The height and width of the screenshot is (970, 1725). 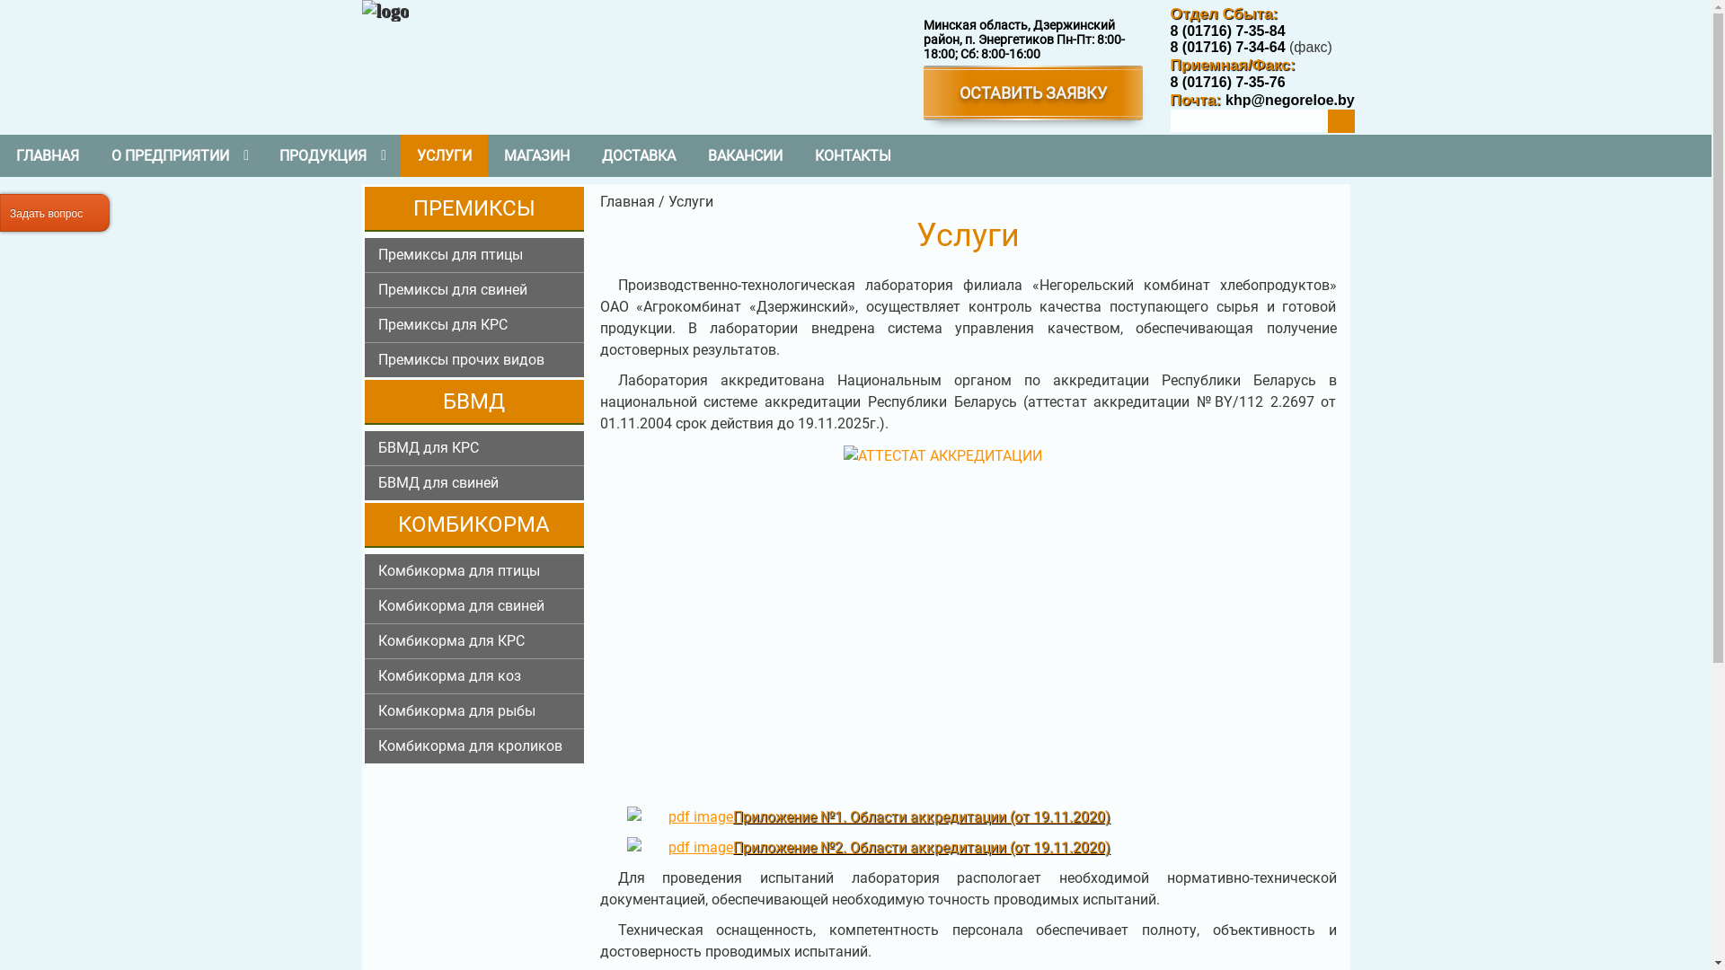 What do you see at coordinates (1226, 82) in the screenshot?
I see `'8 (01716) 7-35-76'` at bounding box center [1226, 82].